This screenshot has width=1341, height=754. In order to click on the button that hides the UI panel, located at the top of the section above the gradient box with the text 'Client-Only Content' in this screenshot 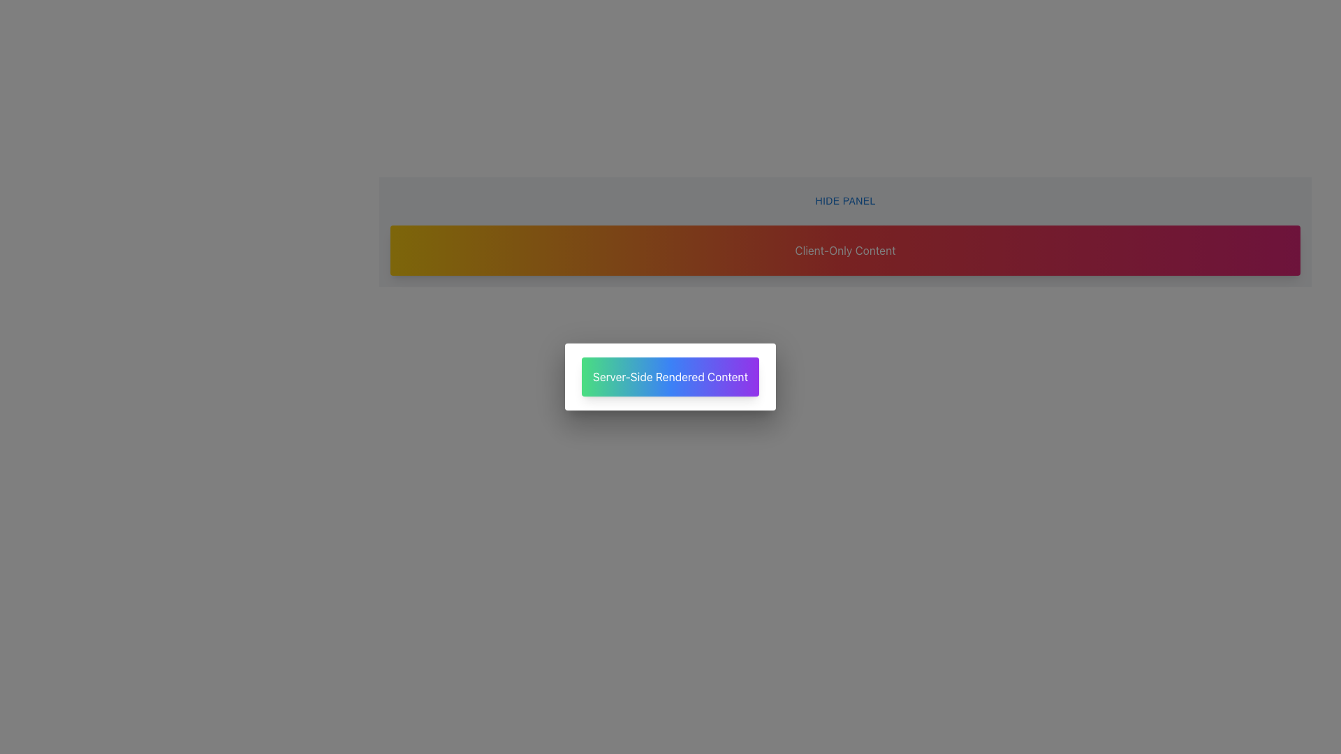, I will do `click(844, 201)`.